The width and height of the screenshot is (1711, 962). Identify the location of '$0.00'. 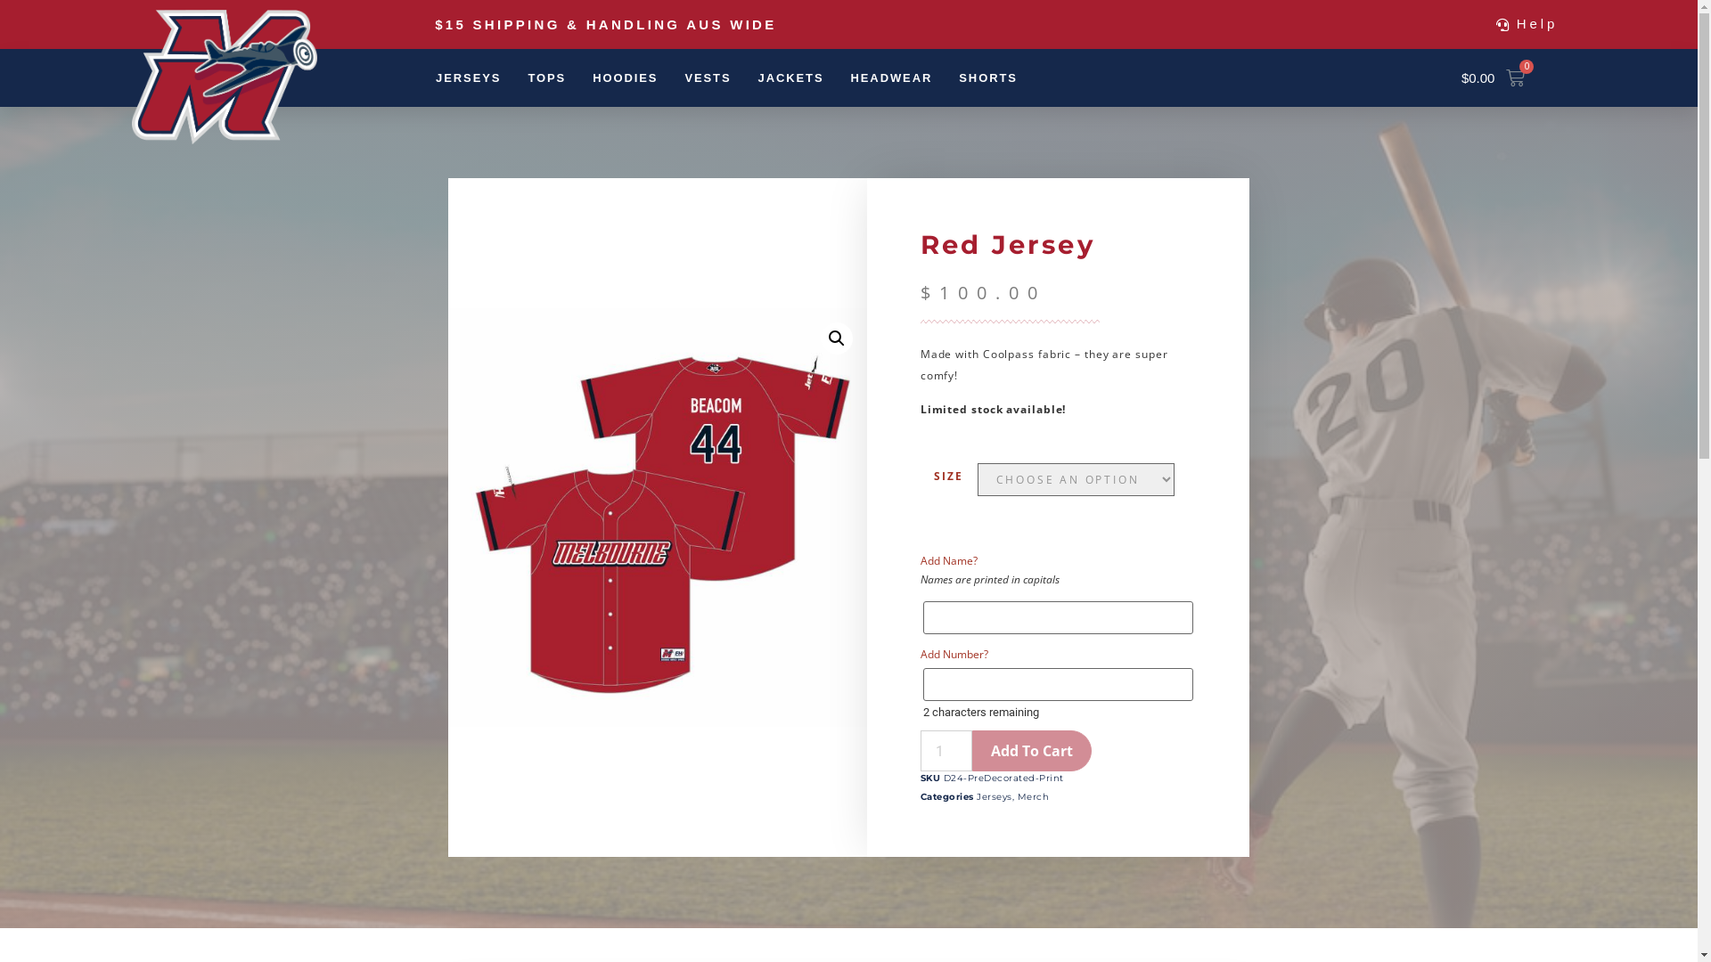
(1440, 77).